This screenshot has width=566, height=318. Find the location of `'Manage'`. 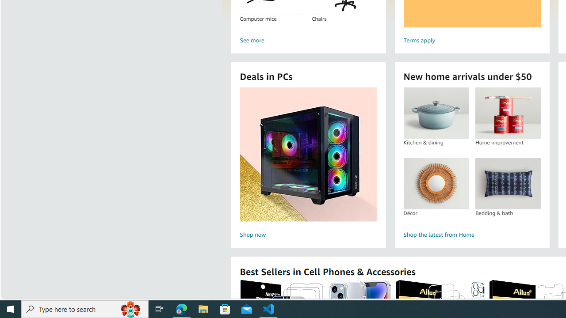

'Manage' is located at coordinates (11, 280).